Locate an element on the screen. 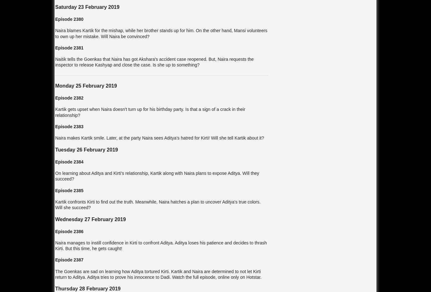 This screenshot has height=292, width=431. 'Episode 2385' is located at coordinates (55, 190).